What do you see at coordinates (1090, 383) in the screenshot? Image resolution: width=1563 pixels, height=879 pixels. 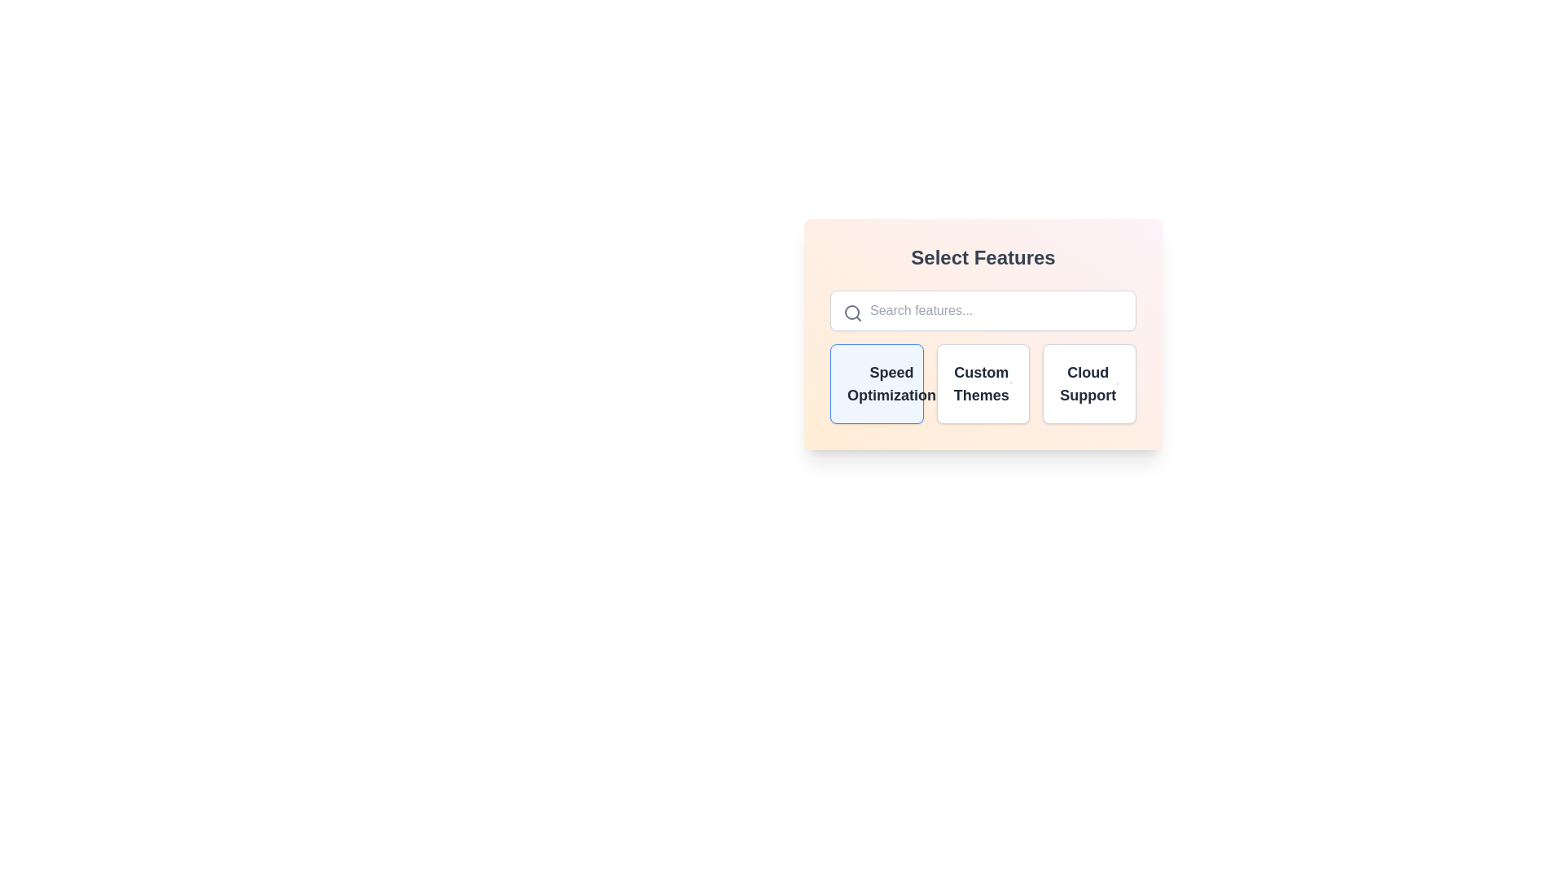 I see `the feature Cloud Support` at bounding box center [1090, 383].